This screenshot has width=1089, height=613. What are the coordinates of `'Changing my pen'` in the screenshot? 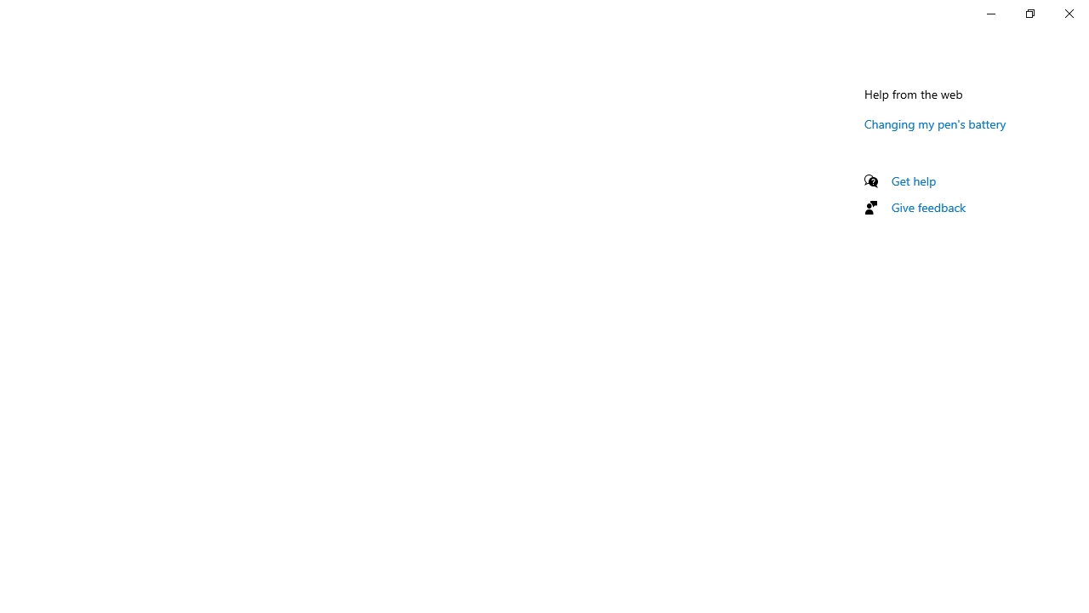 It's located at (934, 123).